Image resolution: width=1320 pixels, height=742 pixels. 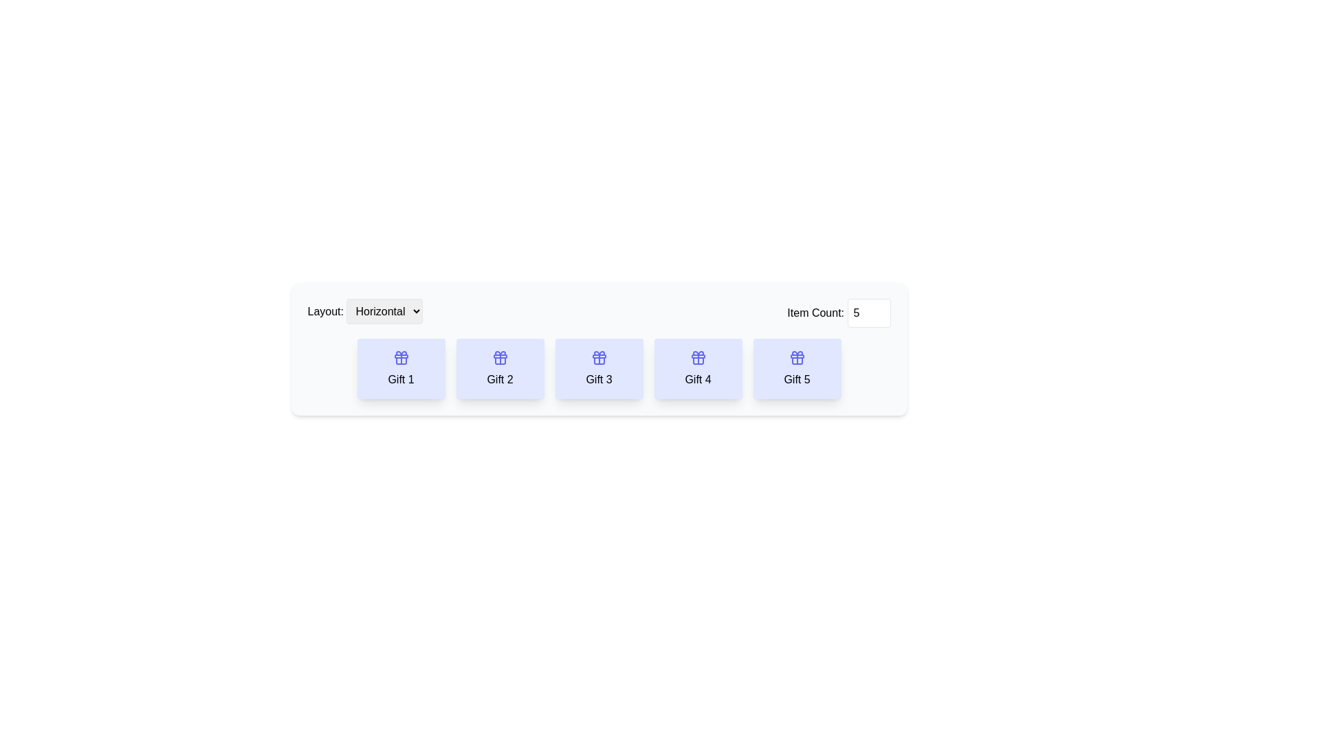 I want to click on text from the label located under the gift icon in the third card labeled 'Gift 3' for identification purposes, so click(x=599, y=379).